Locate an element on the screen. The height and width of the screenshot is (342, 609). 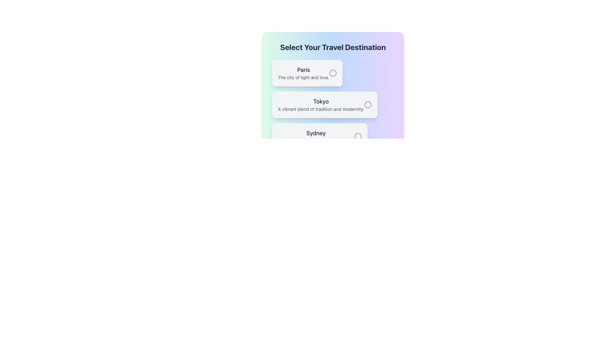
informational text label located below the heading 'Paris' which provides additional context about the travel destination is located at coordinates (303, 77).